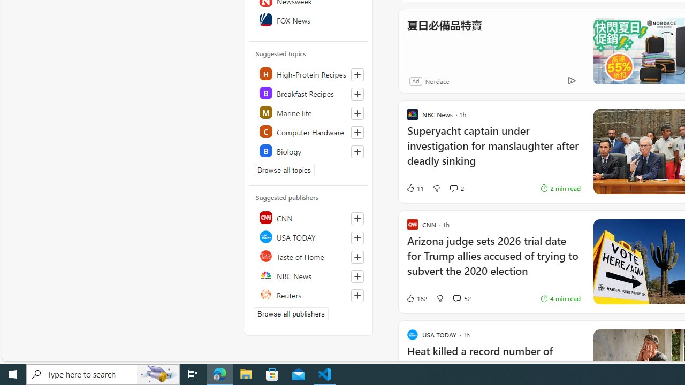 This screenshot has height=385, width=685. Describe the element at coordinates (416, 298) in the screenshot. I see `'162 Like'` at that location.